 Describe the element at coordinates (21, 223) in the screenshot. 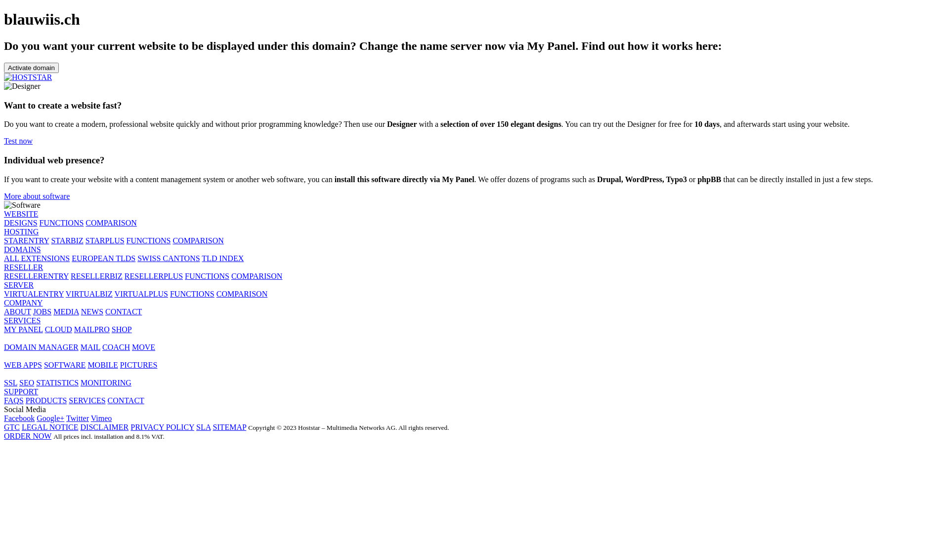

I see `'DESIGNS'` at that location.